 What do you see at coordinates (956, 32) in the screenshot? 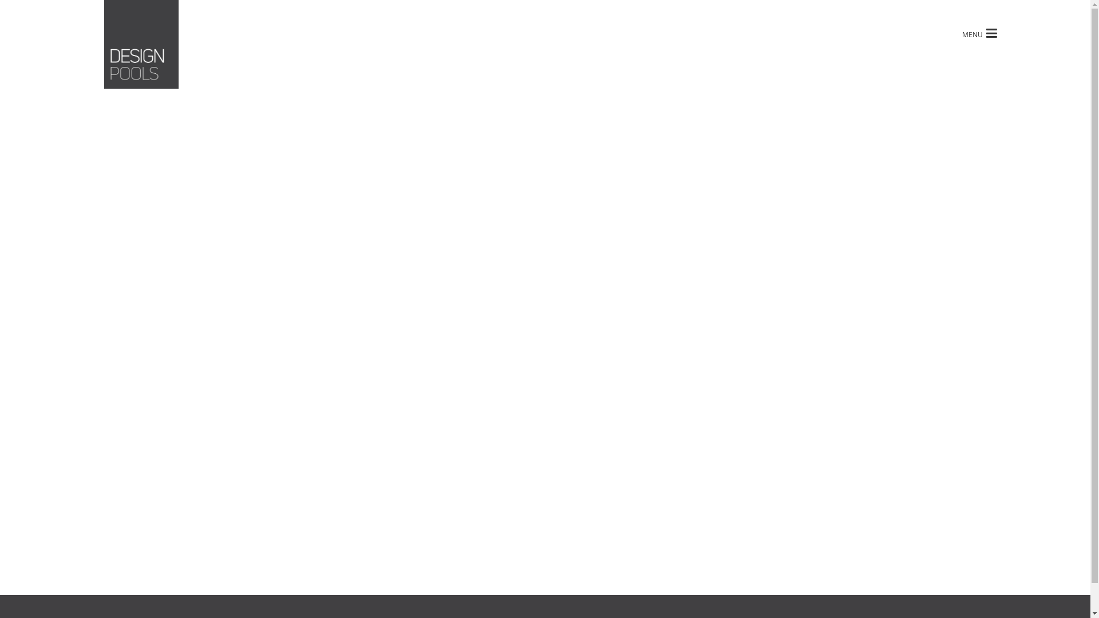
I see `'MENU'` at bounding box center [956, 32].